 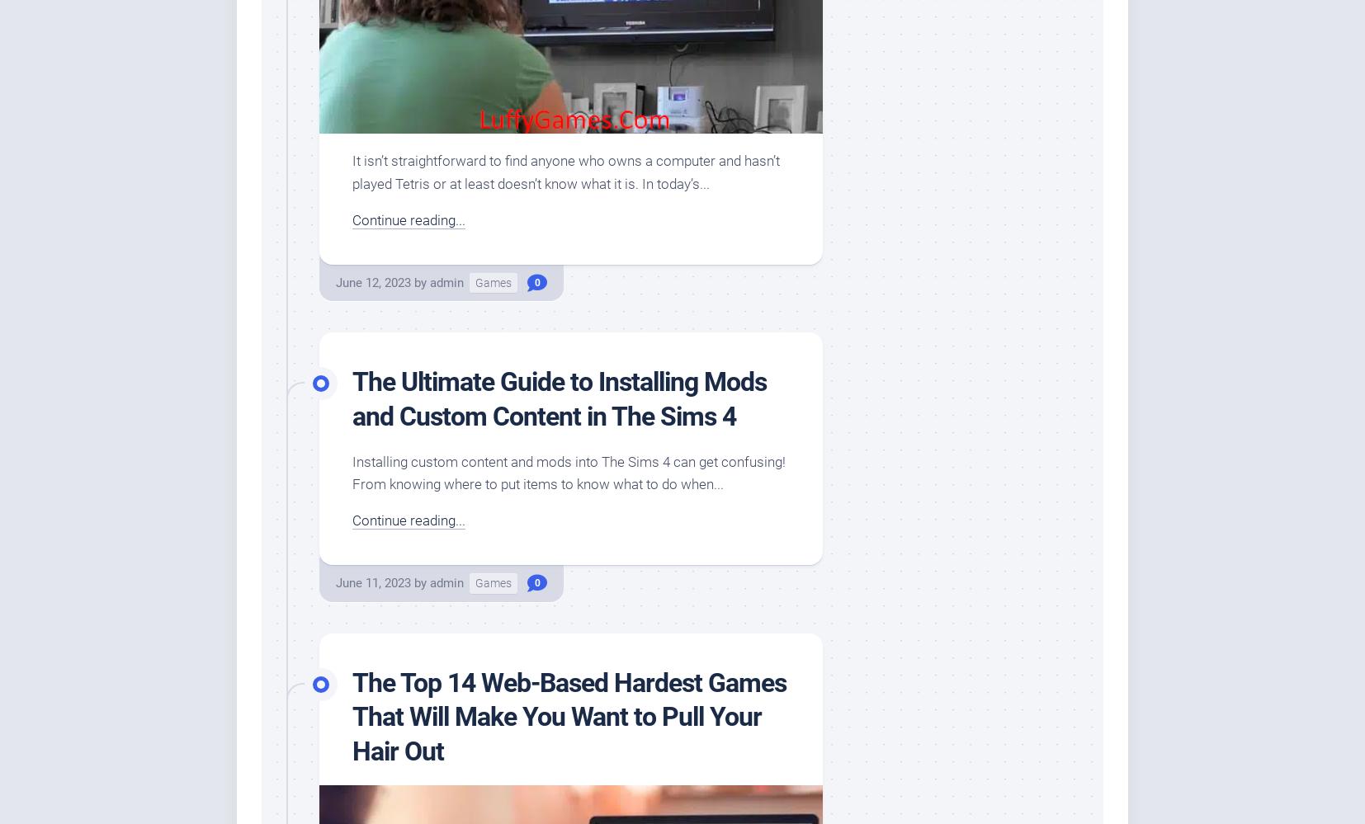 I want to click on 'June 11, 2023', so click(x=373, y=582).